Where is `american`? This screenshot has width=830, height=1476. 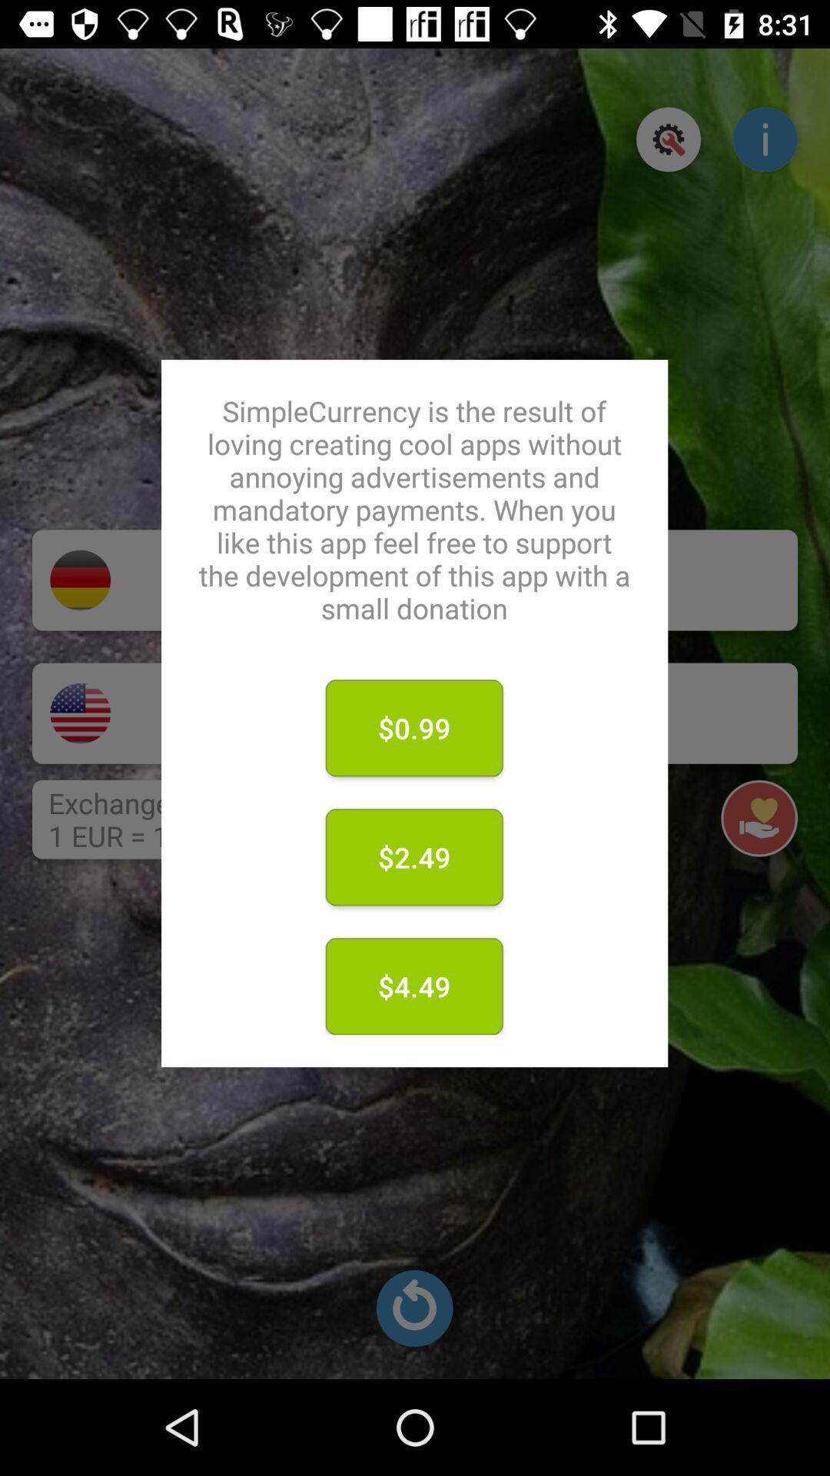 american is located at coordinates (80, 713).